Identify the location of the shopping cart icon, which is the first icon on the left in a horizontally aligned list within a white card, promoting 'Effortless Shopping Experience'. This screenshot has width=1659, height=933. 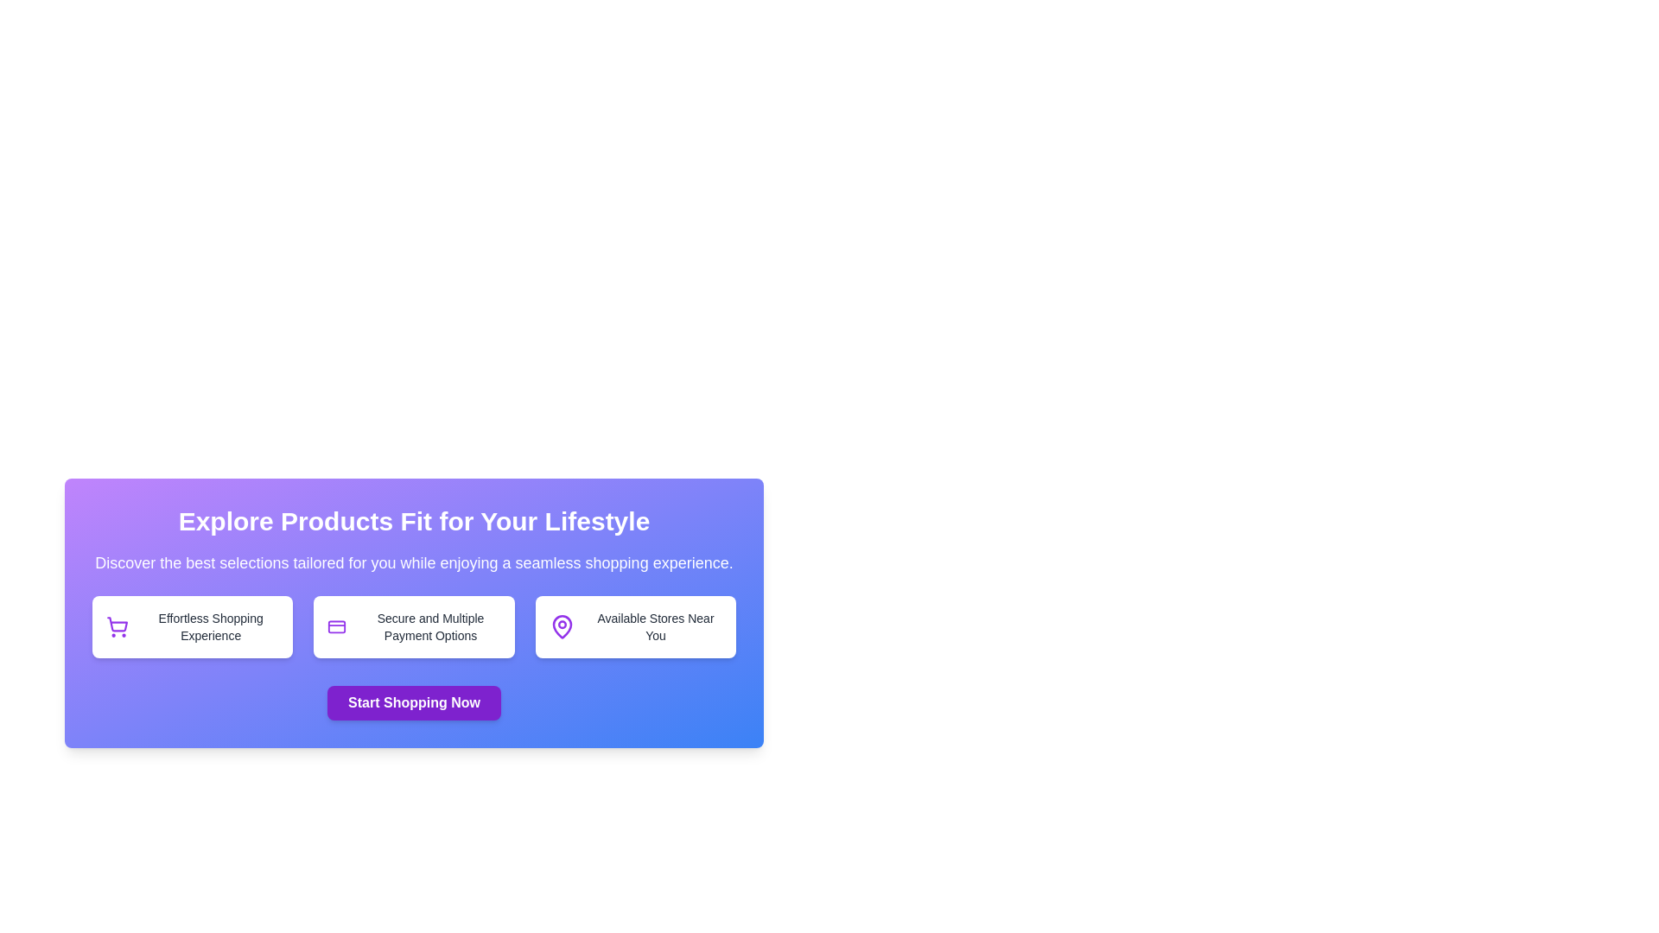
(116, 626).